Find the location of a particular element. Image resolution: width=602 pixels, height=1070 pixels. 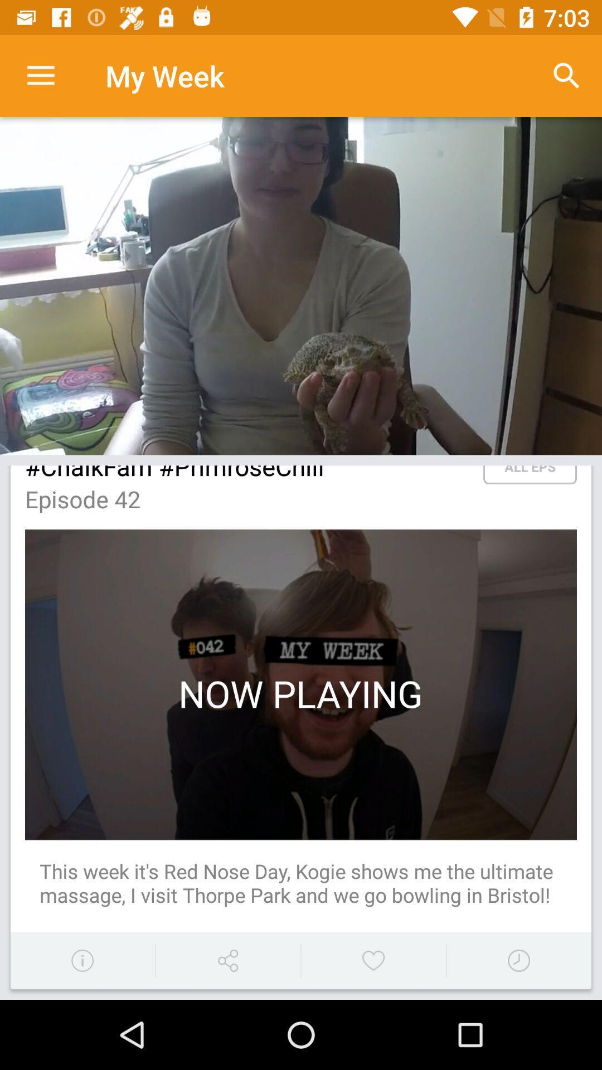

the image below the episode 42 is located at coordinates (301, 684).